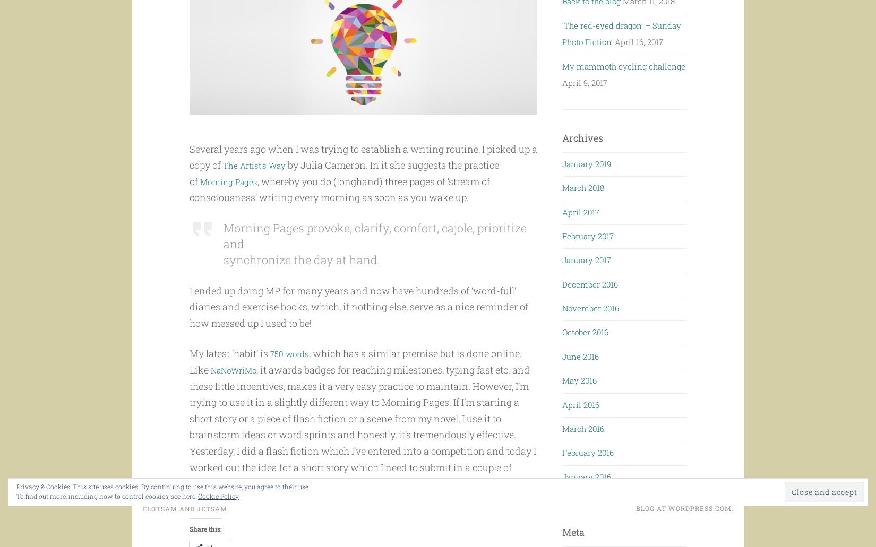 This screenshot has height=547, width=876. What do you see at coordinates (623, 65) in the screenshot?
I see `'My mammoth cycling challenge'` at bounding box center [623, 65].